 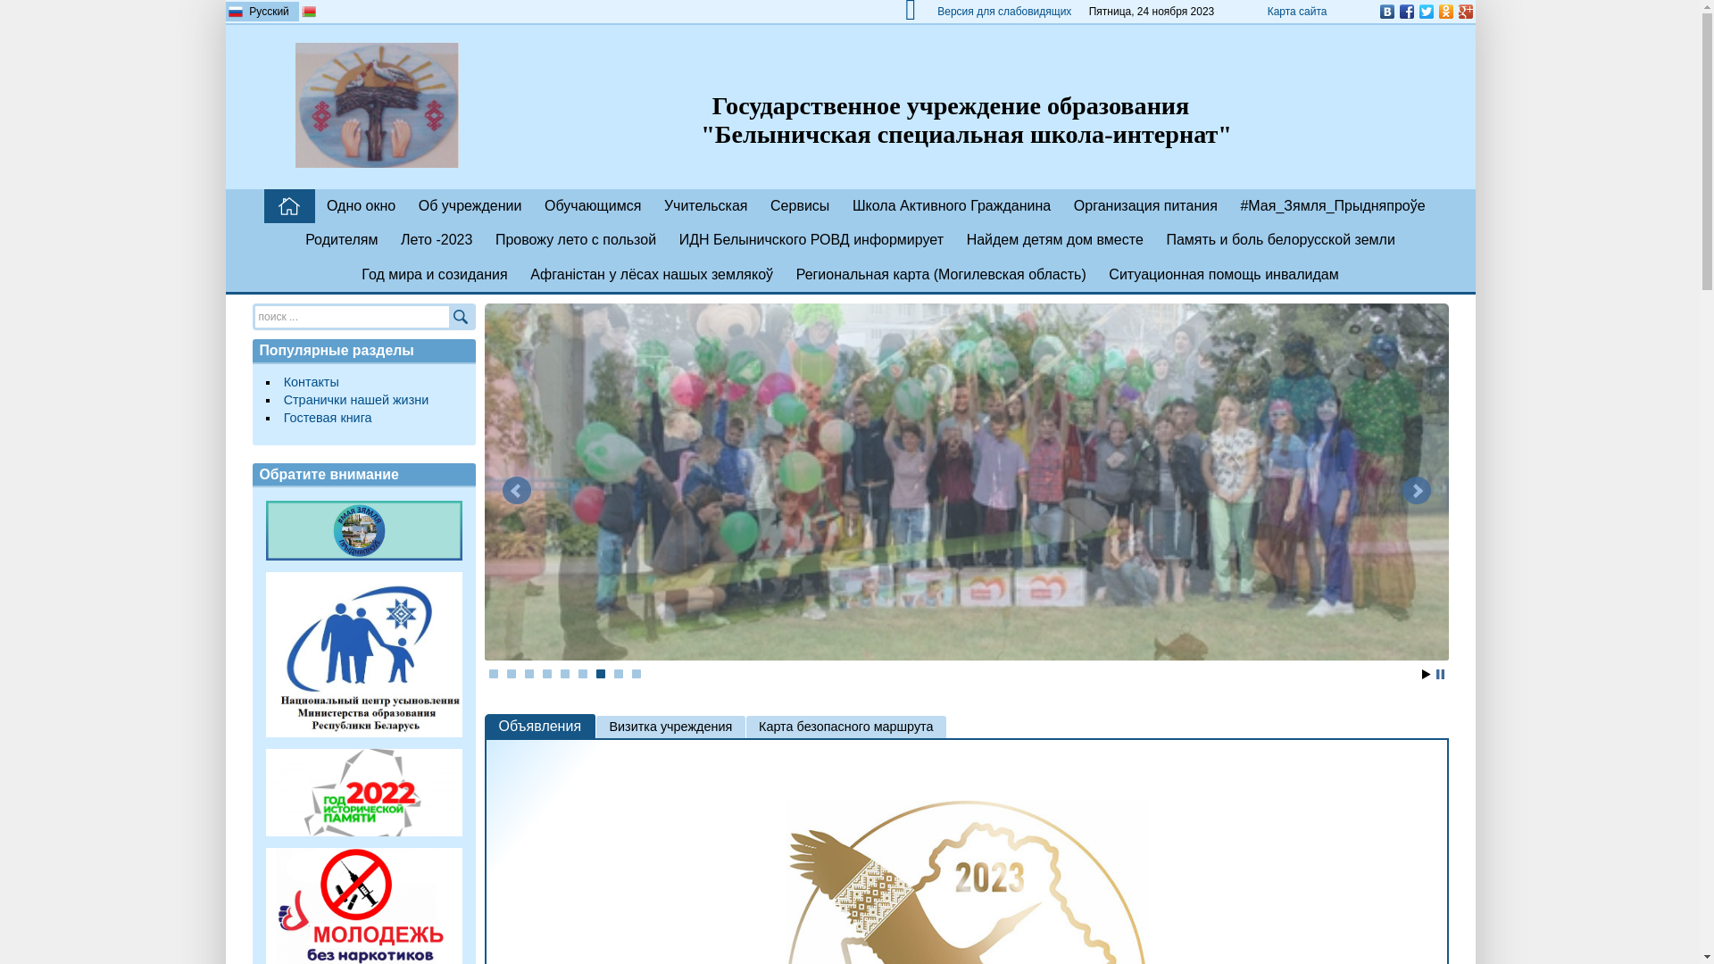 What do you see at coordinates (582, 674) in the screenshot?
I see `'6'` at bounding box center [582, 674].